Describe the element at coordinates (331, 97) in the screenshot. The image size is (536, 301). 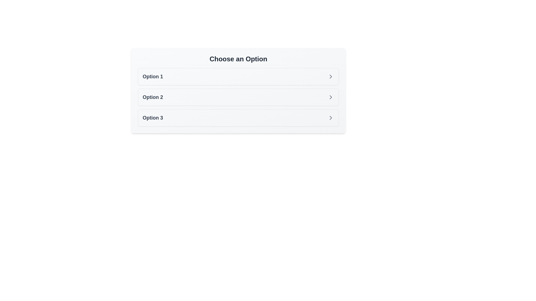
I see `the clickable icon located at the far right end of the second option row in a vertical list of three options` at that location.